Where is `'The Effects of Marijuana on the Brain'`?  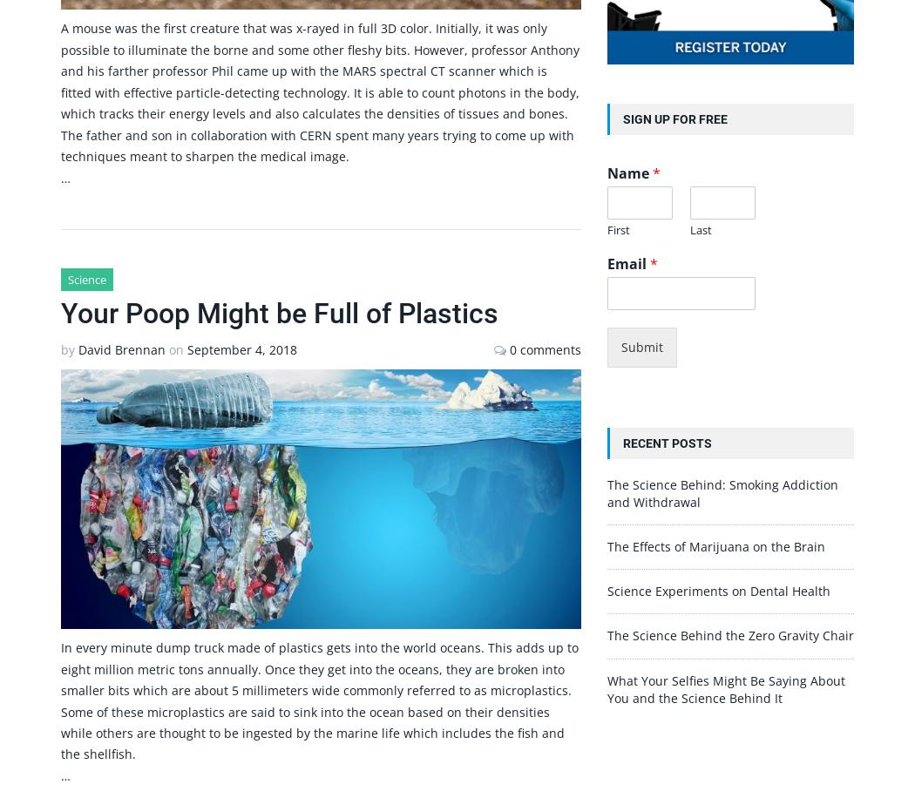 'The Effects of Marijuana on the Brain' is located at coordinates (607, 546).